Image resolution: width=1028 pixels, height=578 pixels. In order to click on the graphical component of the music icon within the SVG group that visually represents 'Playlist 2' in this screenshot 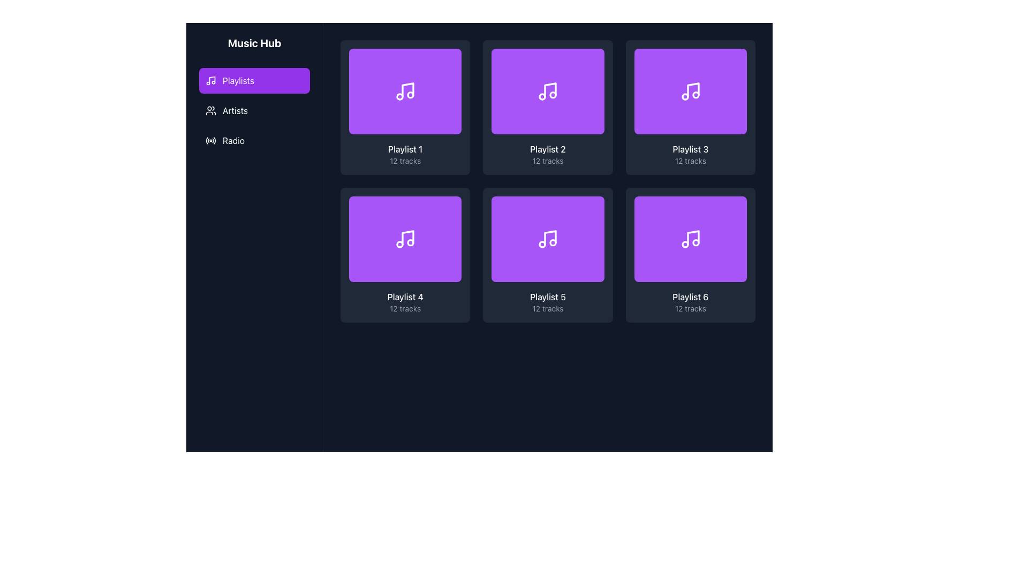, I will do `click(553, 94)`.